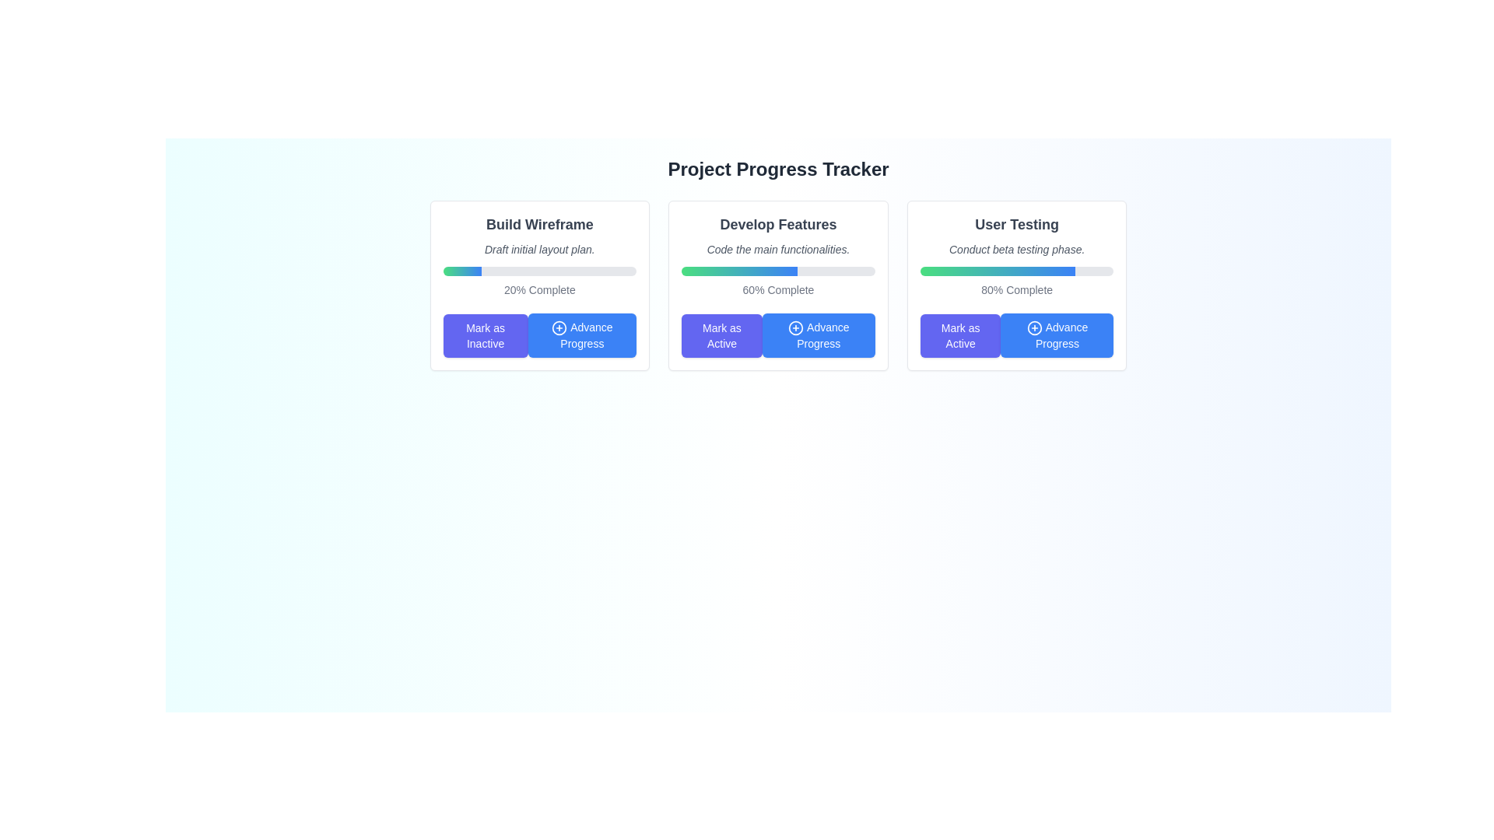 The image size is (1494, 840). I want to click on text displayed in the bold, larger font 'Build Wireframe' located at the top of the leftmost rectangular card containing project details, so click(539, 225).